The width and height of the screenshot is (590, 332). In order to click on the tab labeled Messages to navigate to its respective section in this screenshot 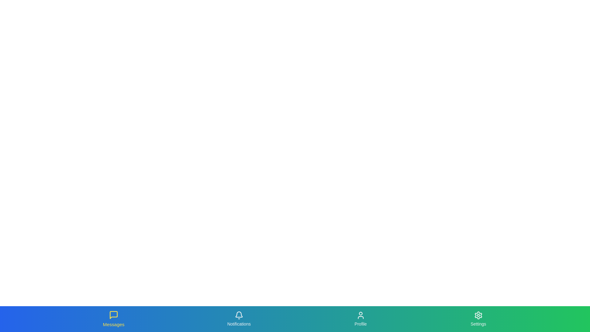, I will do `click(113, 318)`.